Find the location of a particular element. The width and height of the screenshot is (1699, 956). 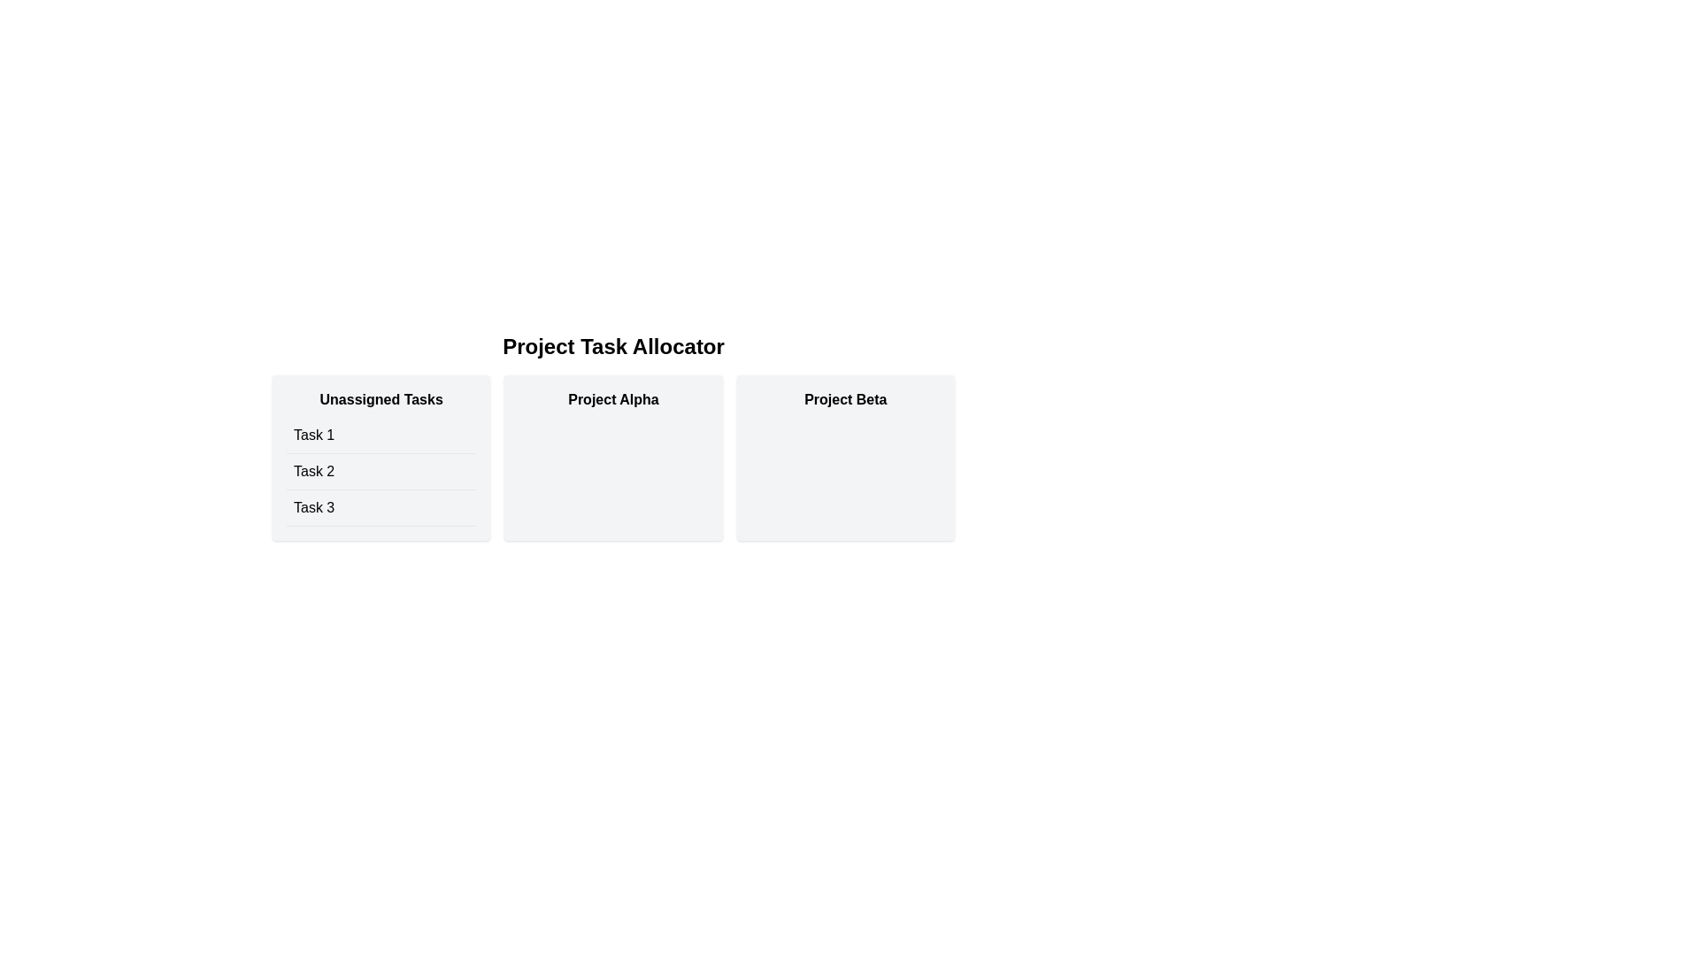

the task Task 2 from the project Project Alpha and return it to the unassigned list is located at coordinates (613, 457).